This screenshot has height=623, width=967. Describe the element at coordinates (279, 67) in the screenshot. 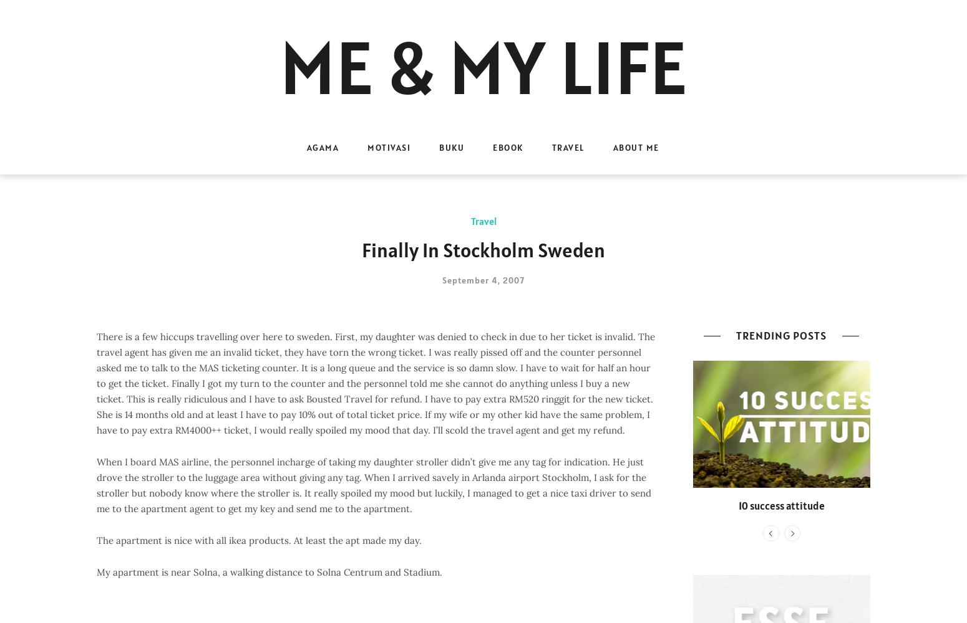

I see `'Me & My Life'` at that location.